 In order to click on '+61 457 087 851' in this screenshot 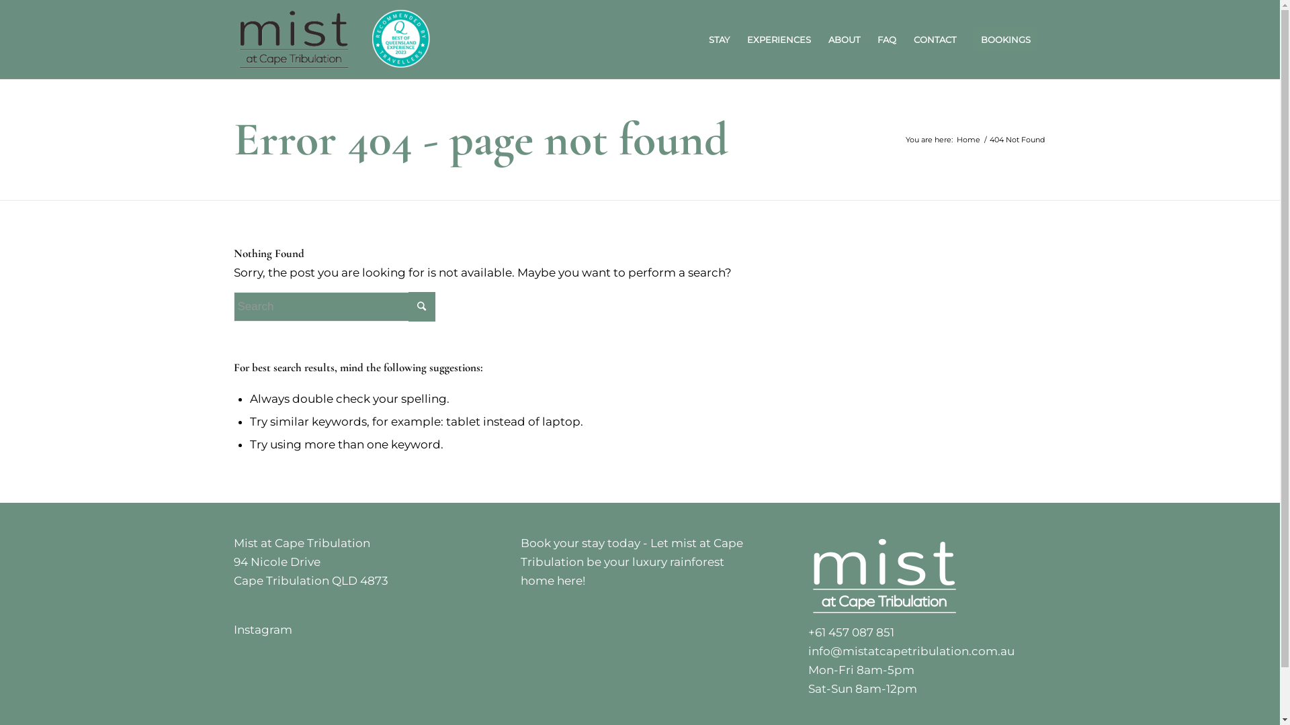, I will do `click(851, 632)`.